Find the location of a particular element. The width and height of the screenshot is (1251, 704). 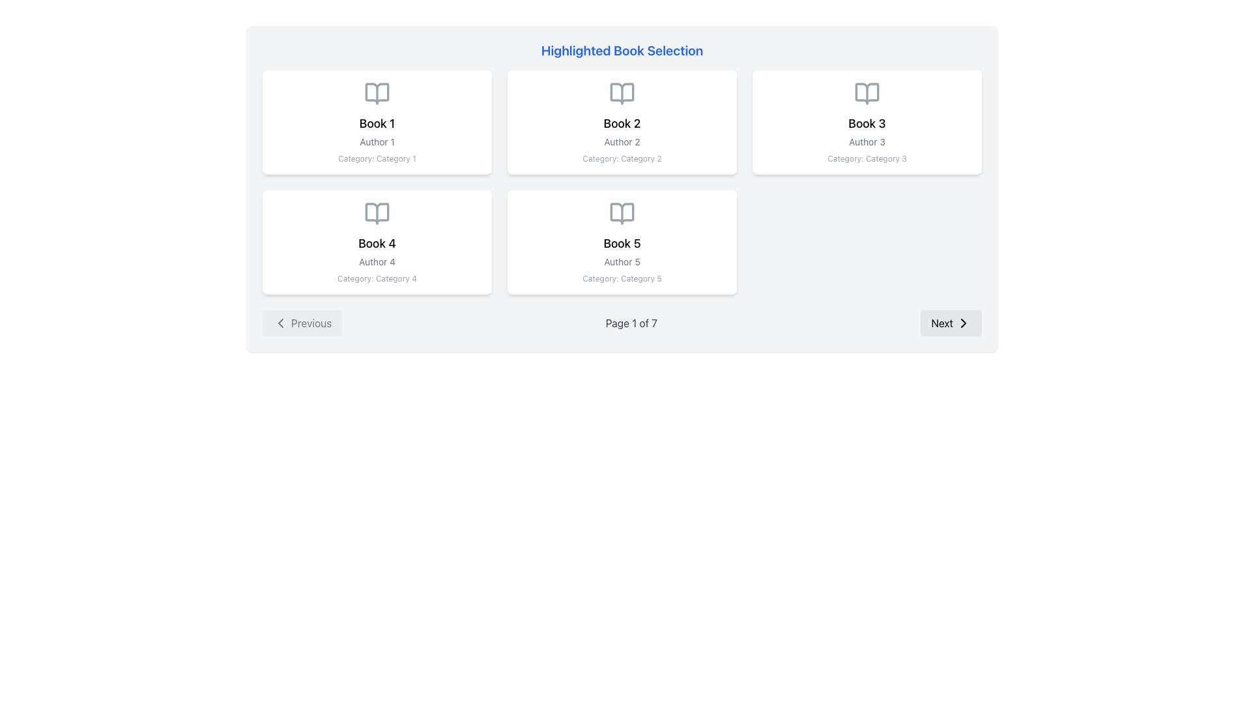

the first informational card displaying 'Book 1', which includes the book title, author name, and category, located at the top-left of the grid layout is located at coordinates (377, 123).